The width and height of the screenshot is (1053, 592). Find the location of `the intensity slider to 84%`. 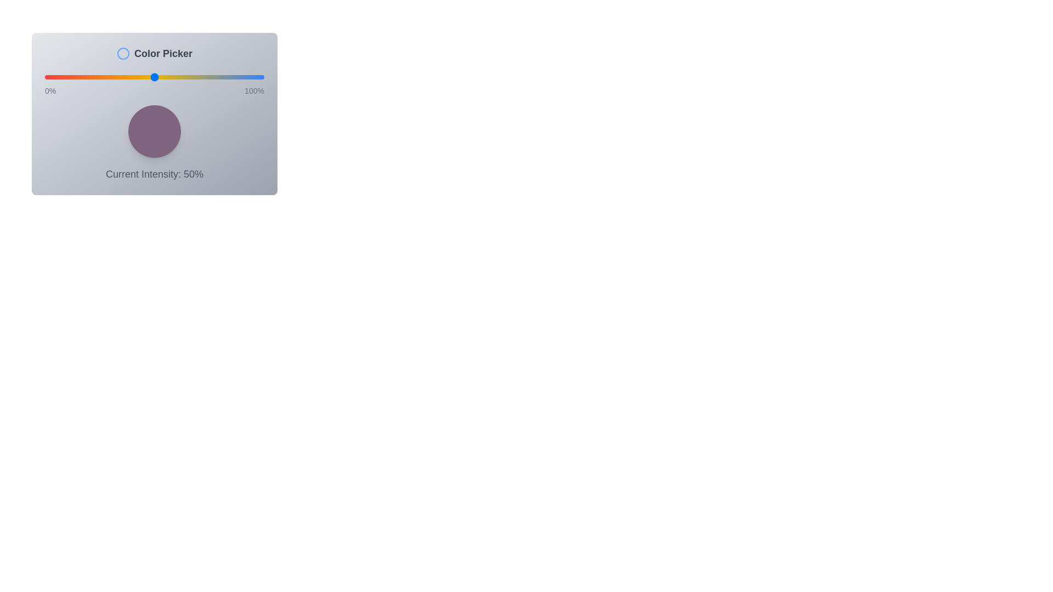

the intensity slider to 84% is located at coordinates (228, 77).